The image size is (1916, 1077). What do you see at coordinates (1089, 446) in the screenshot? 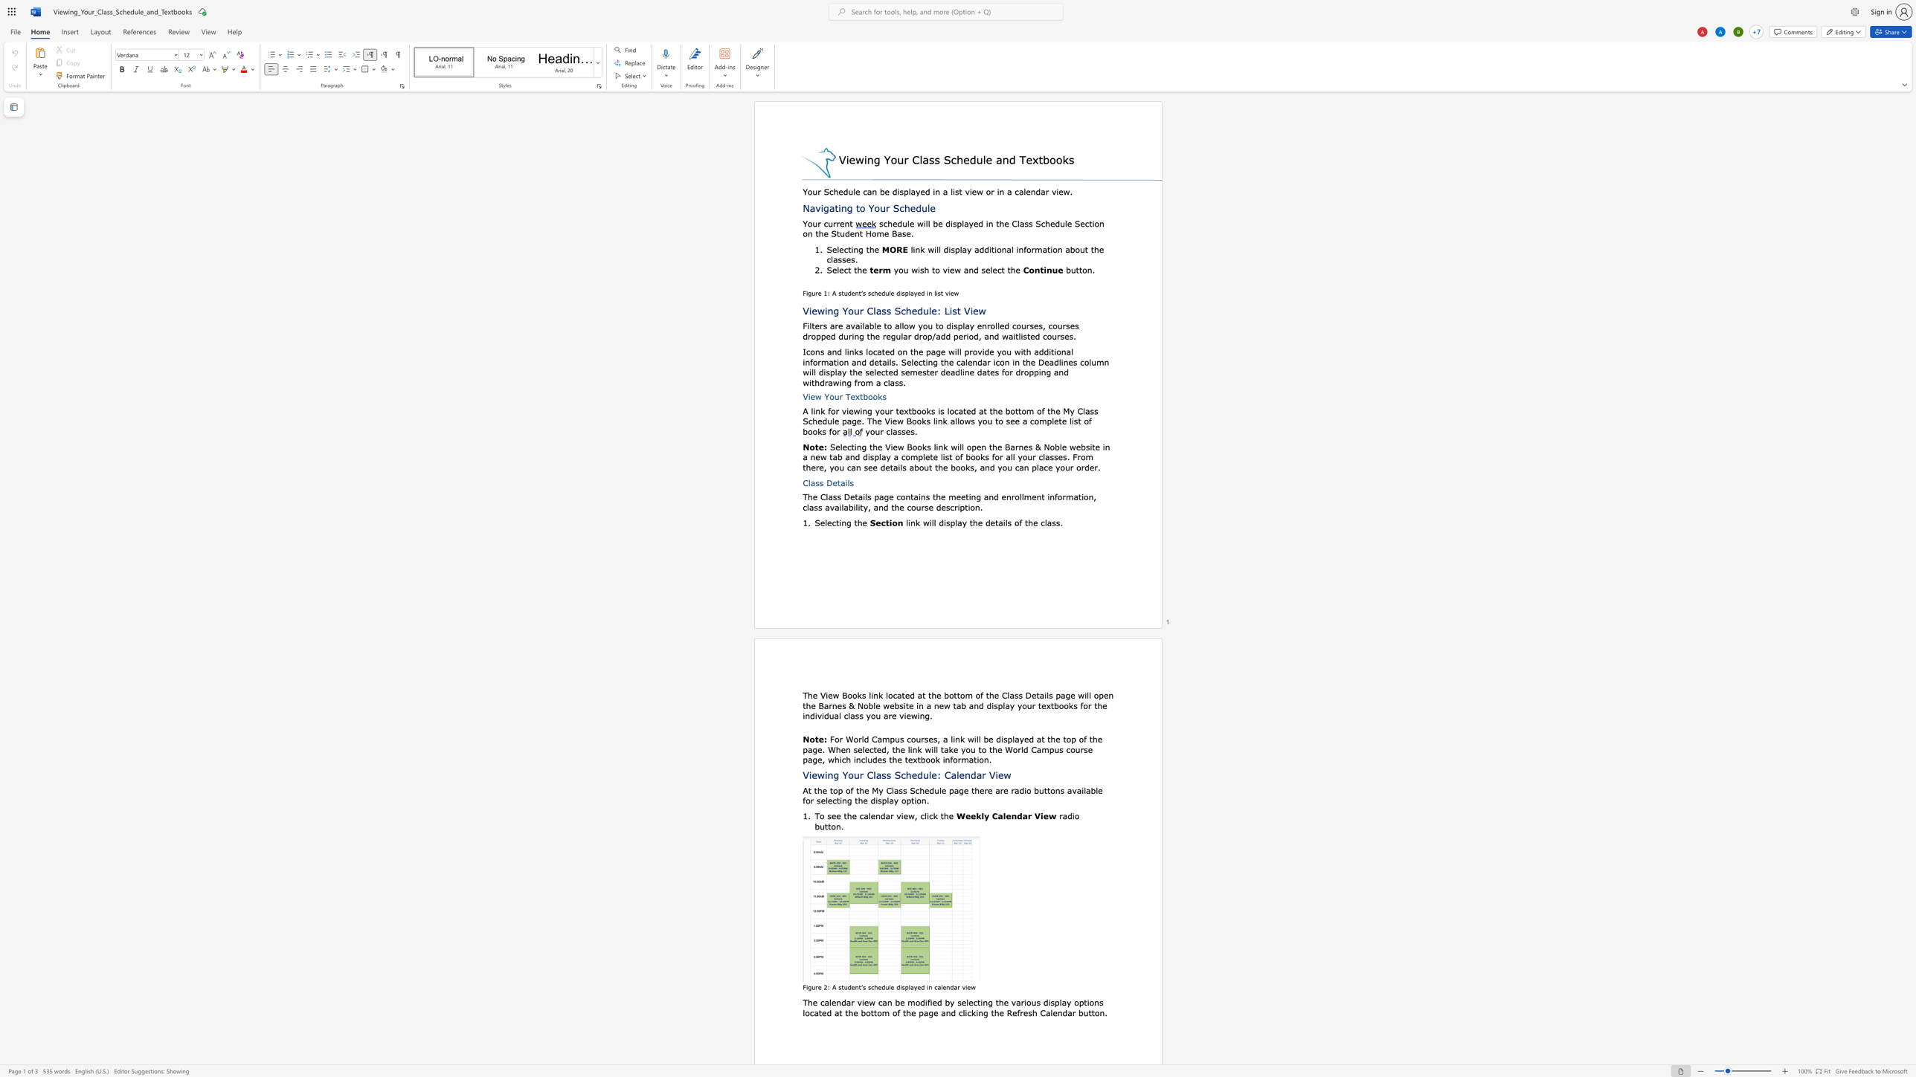
I see `the space between the continuous character "s" and "i" in the text` at bounding box center [1089, 446].